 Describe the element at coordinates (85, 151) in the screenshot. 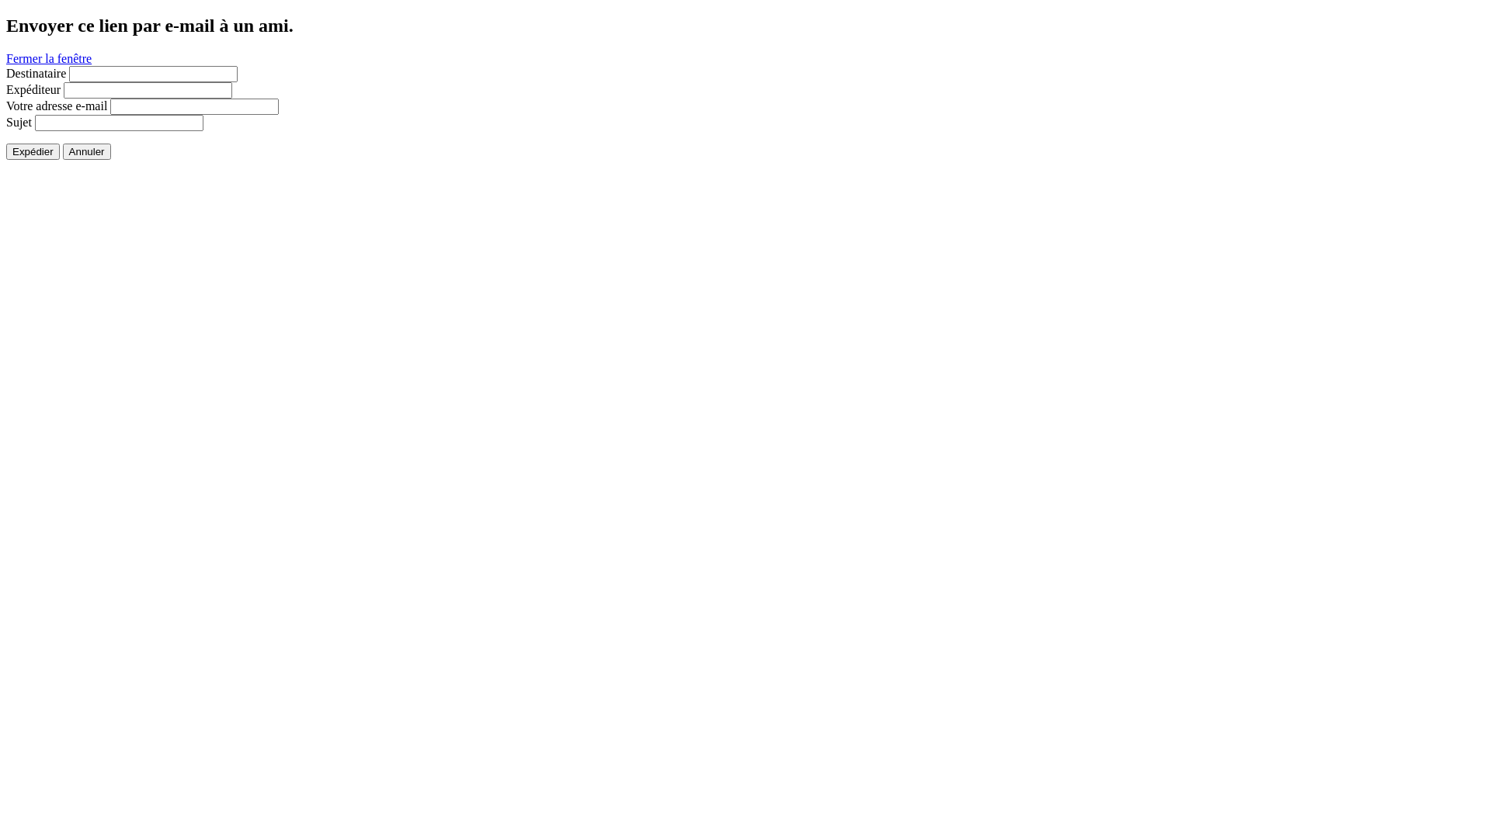

I see `'Annuler'` at that location.